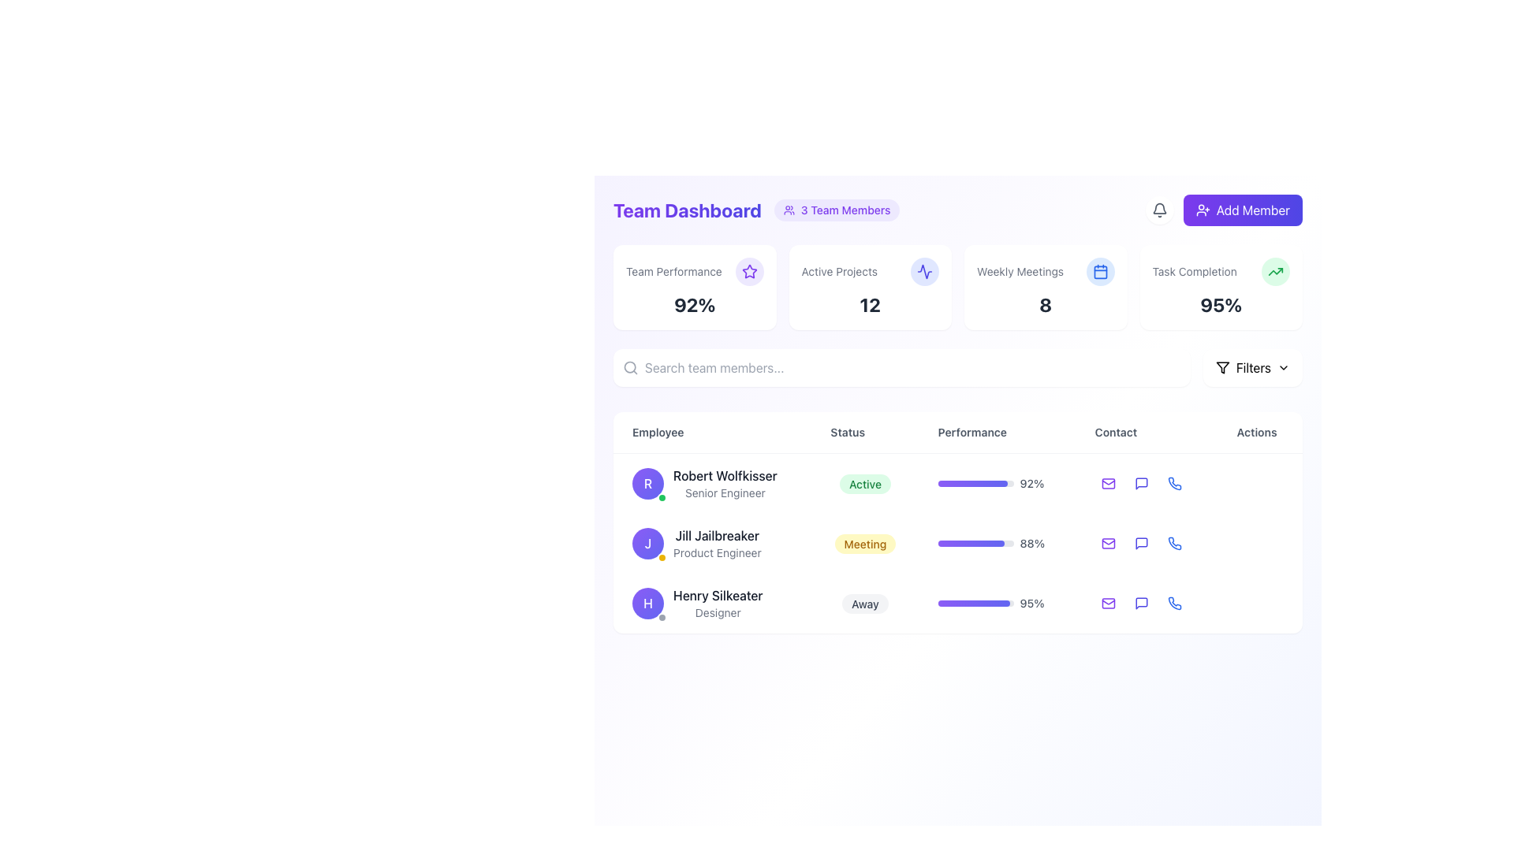  What do you see at coordinates (1195, 270) in the screenshot?
I see `the text label displaying 'Task Completion' in a small, gray-colored font located in the upper-right section of the interface` at bounding box center [1195, 270].